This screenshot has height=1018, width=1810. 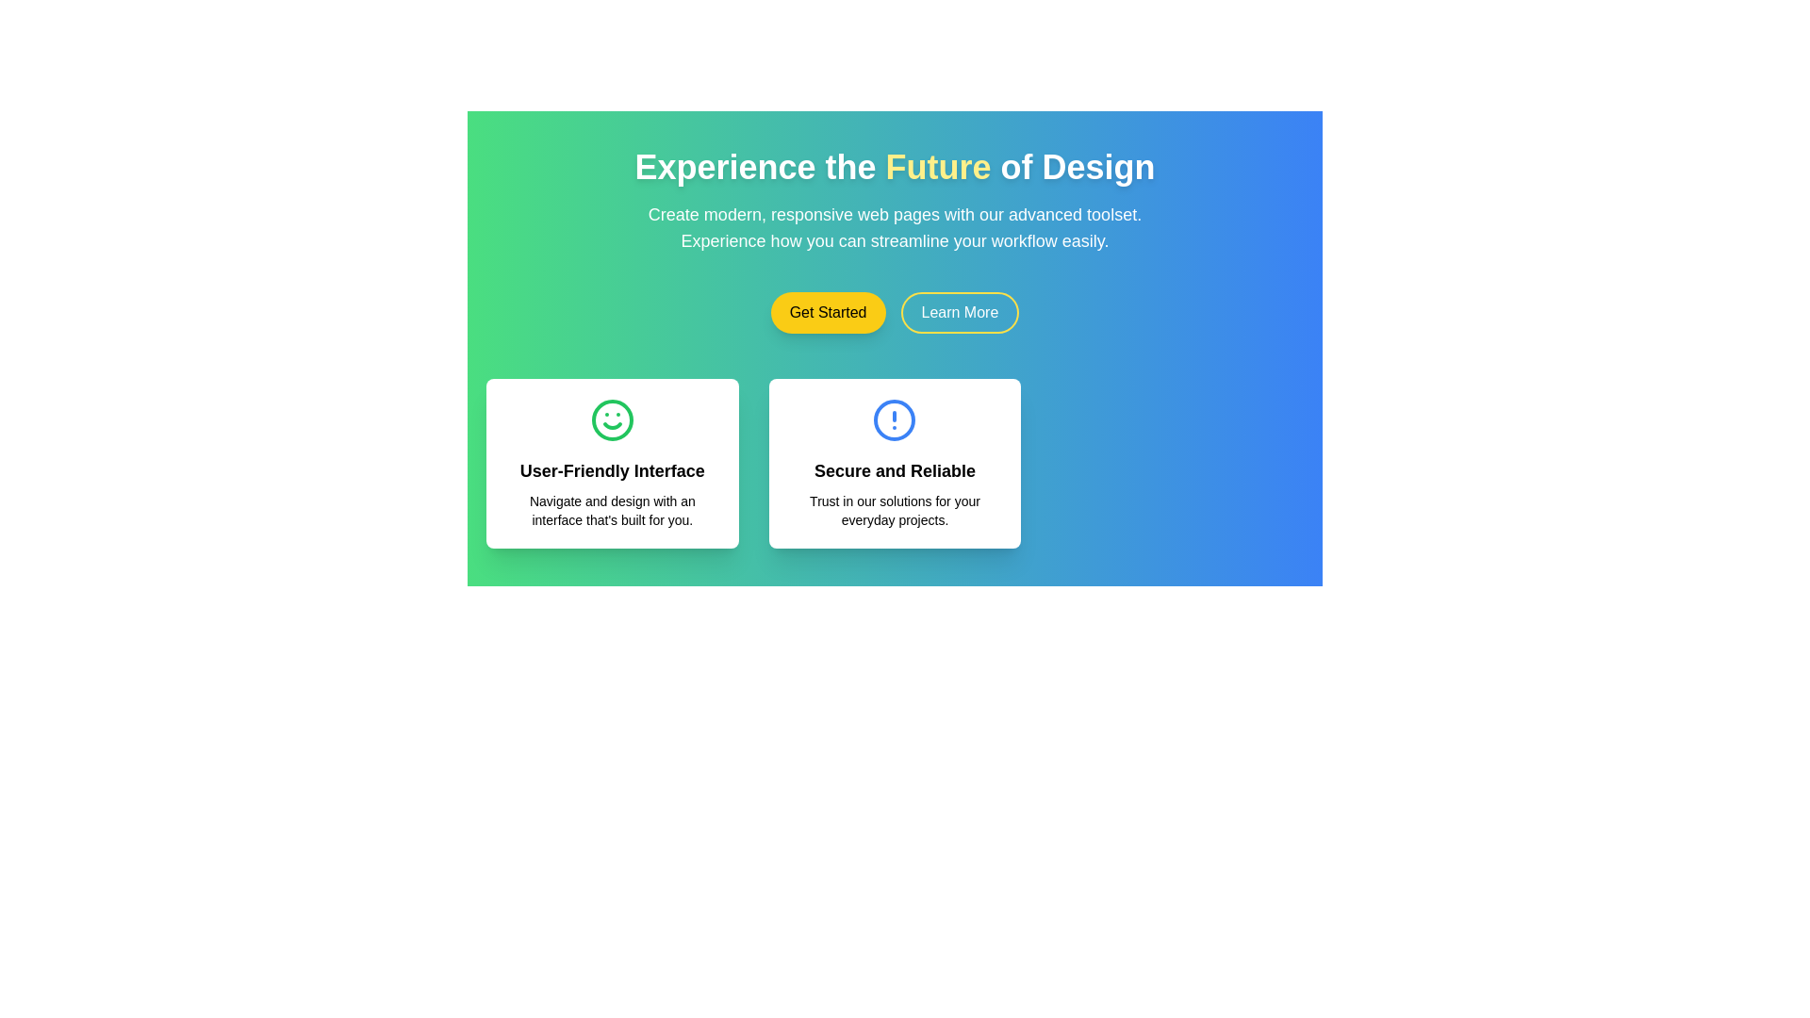 I want to click on the large, bold text element at the top of the interface that says 'Experience the Future of Design', with 'Future' styled in yellow, to interact with it, so click(x=894, y=166).